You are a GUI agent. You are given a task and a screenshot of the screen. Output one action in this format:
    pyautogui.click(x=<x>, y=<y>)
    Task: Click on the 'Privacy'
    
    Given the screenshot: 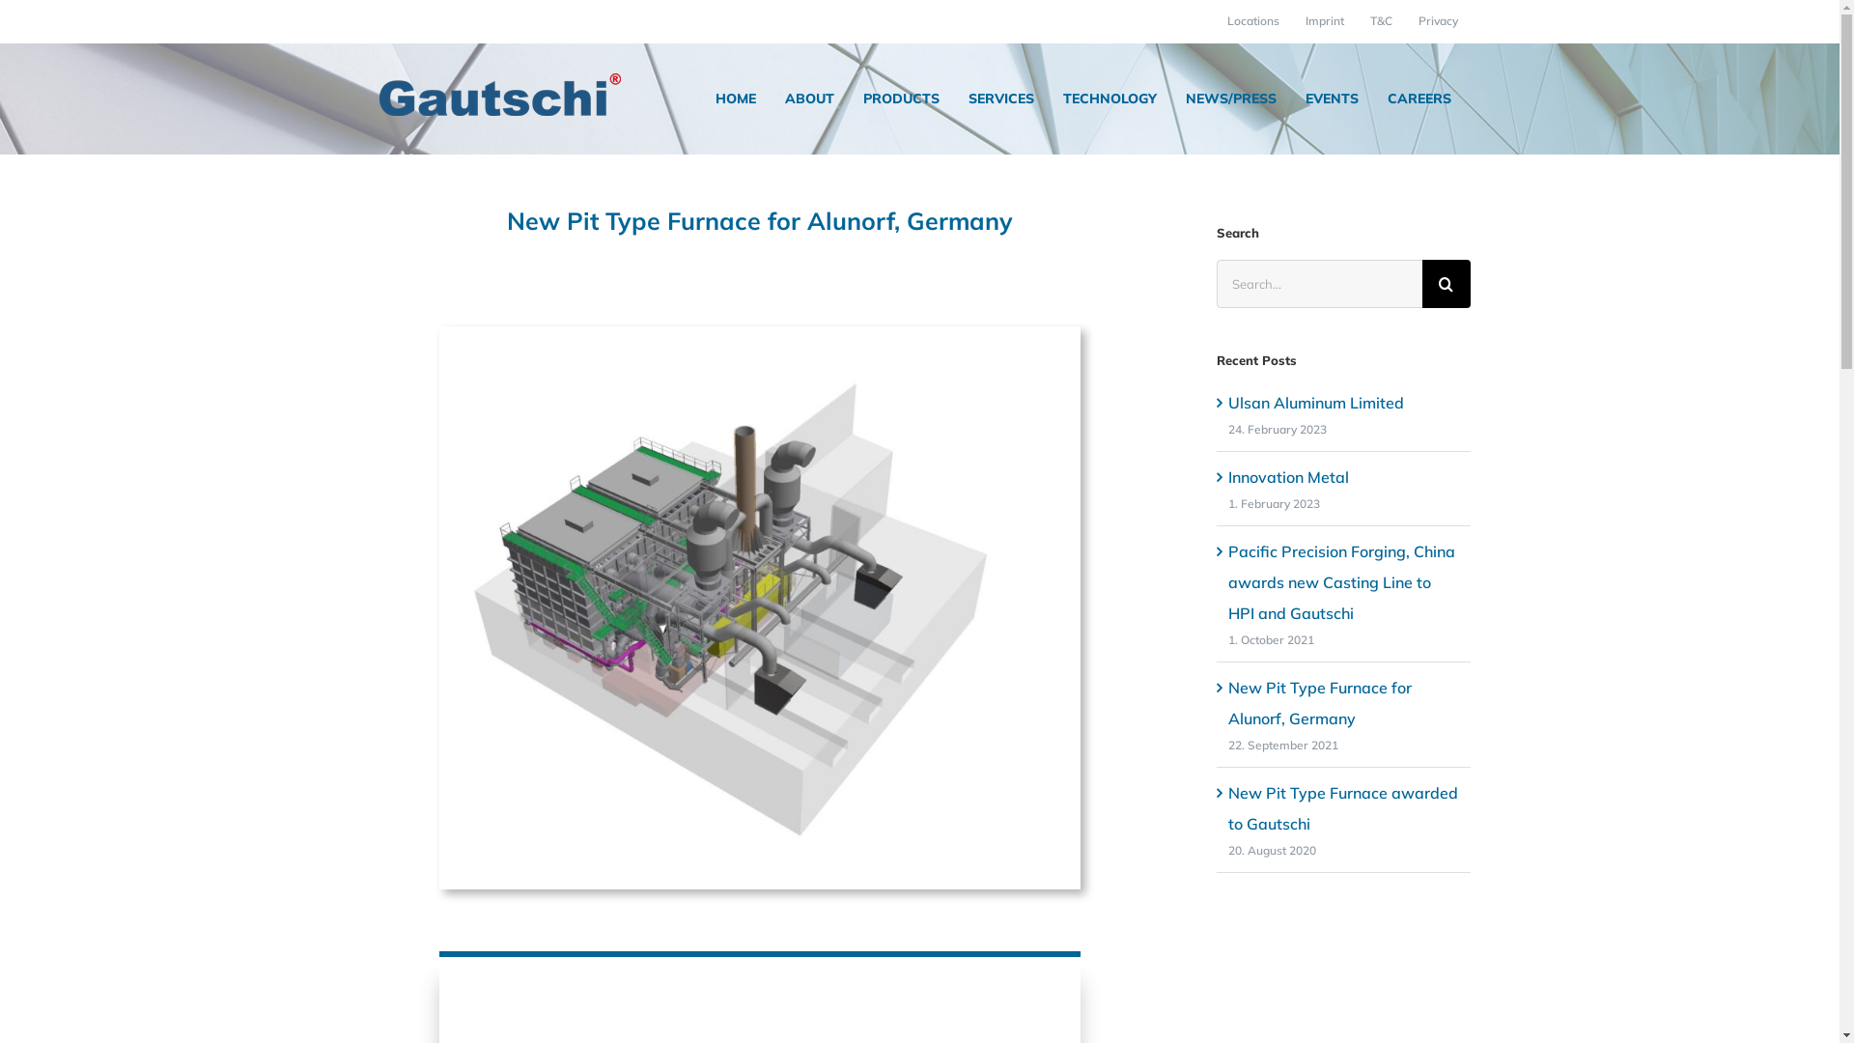 What is the action you would take?
    pyautogui.click(x=1438, y=21)
    